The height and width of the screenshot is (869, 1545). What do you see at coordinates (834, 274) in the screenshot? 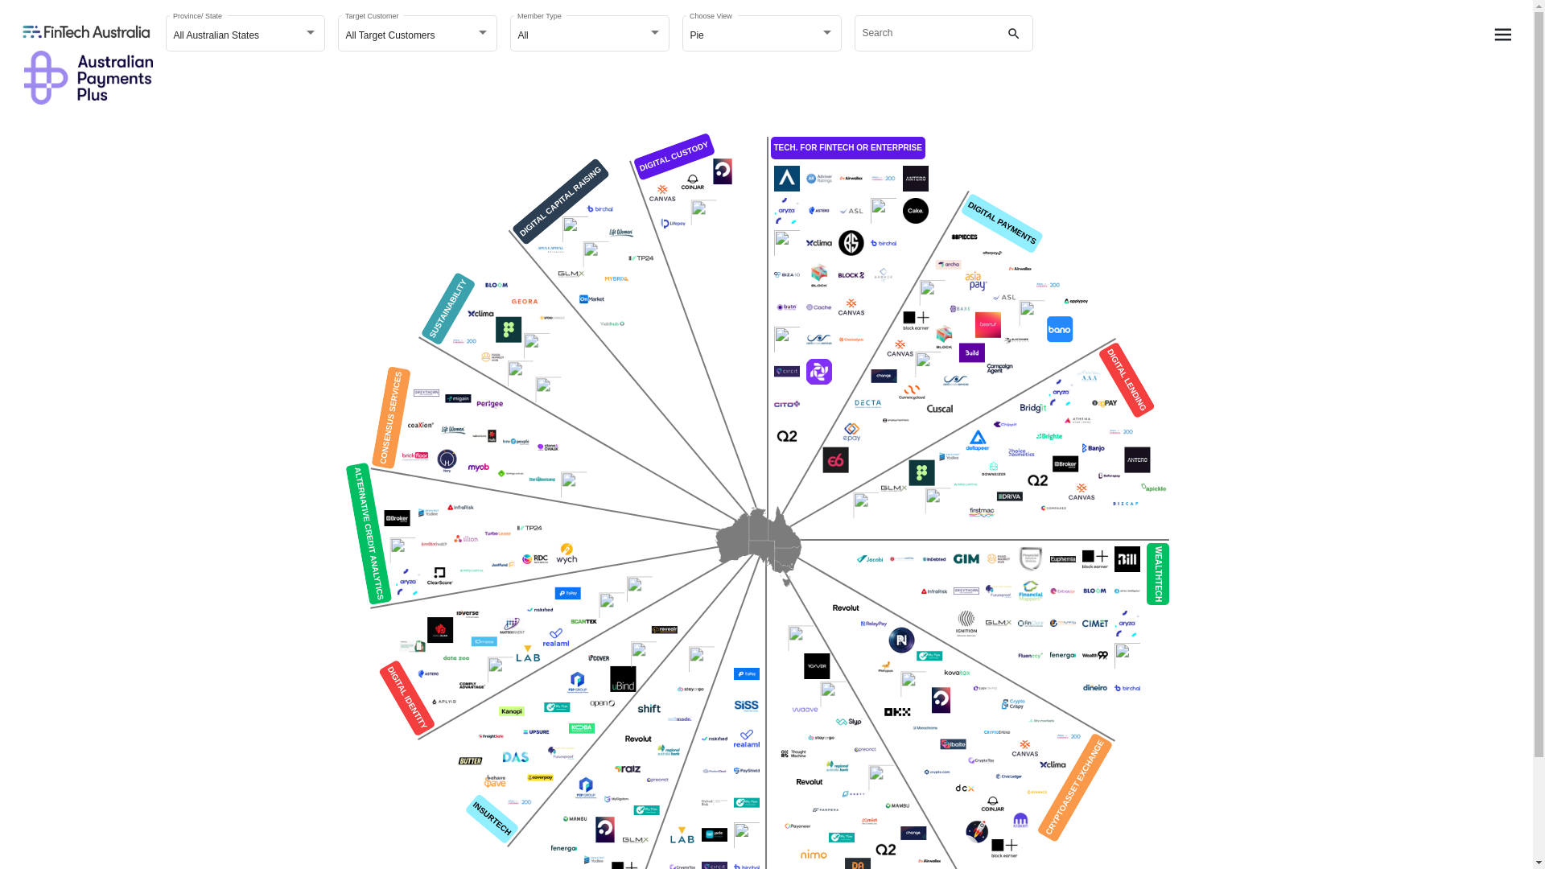
I see `'Block8 Technologies'` at bounding box center [834, 274].